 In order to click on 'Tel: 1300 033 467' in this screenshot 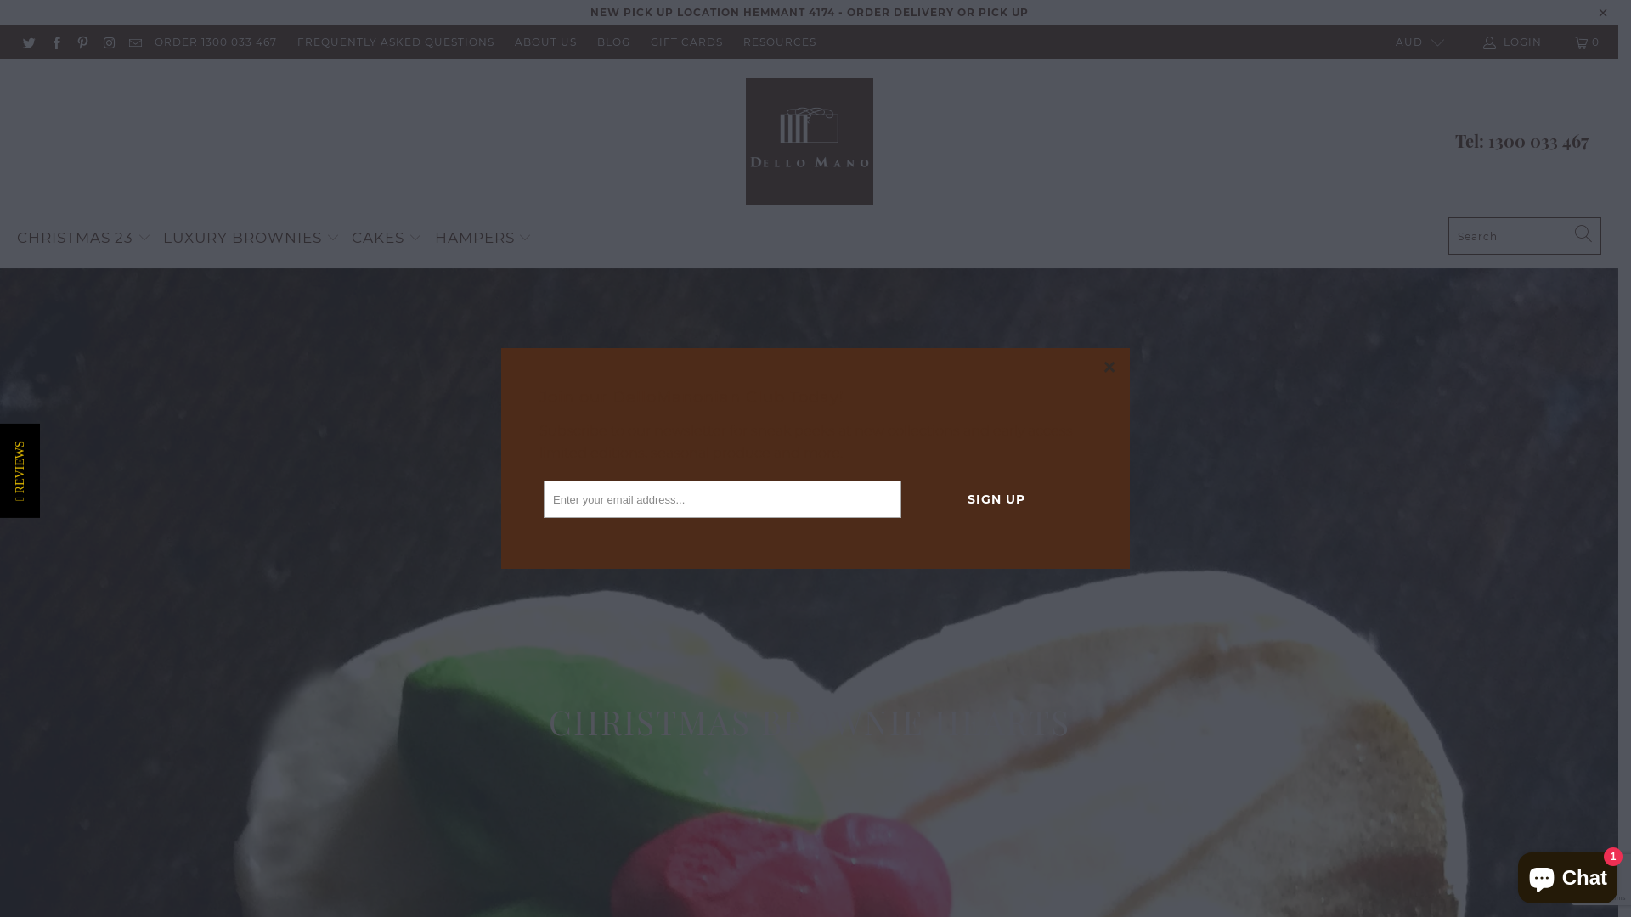, I will do `click(1521, 139)`.